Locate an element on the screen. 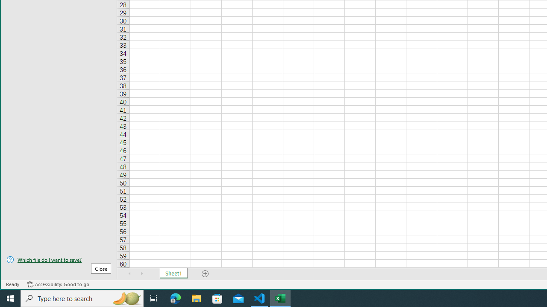 Image resolution: width=547 pixels, height=307 pixels. 'File Explorer' is located at coordinates (196, 298).